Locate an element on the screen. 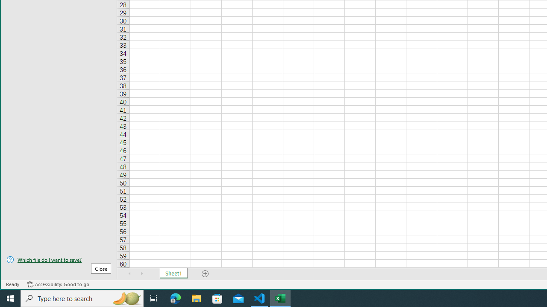 Image resolution: width=547 pixels, height=307 pixels. 'File Explorer' is located at coordinates (196, 298).